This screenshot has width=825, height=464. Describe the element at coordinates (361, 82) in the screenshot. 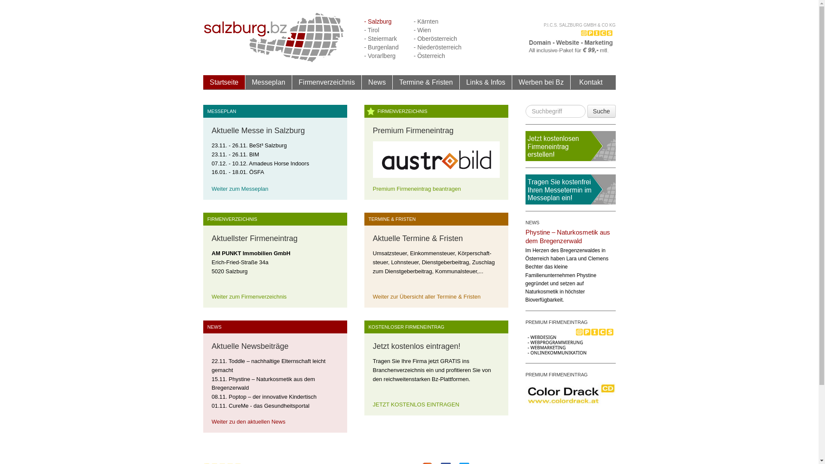

I see `'News'` at that location.